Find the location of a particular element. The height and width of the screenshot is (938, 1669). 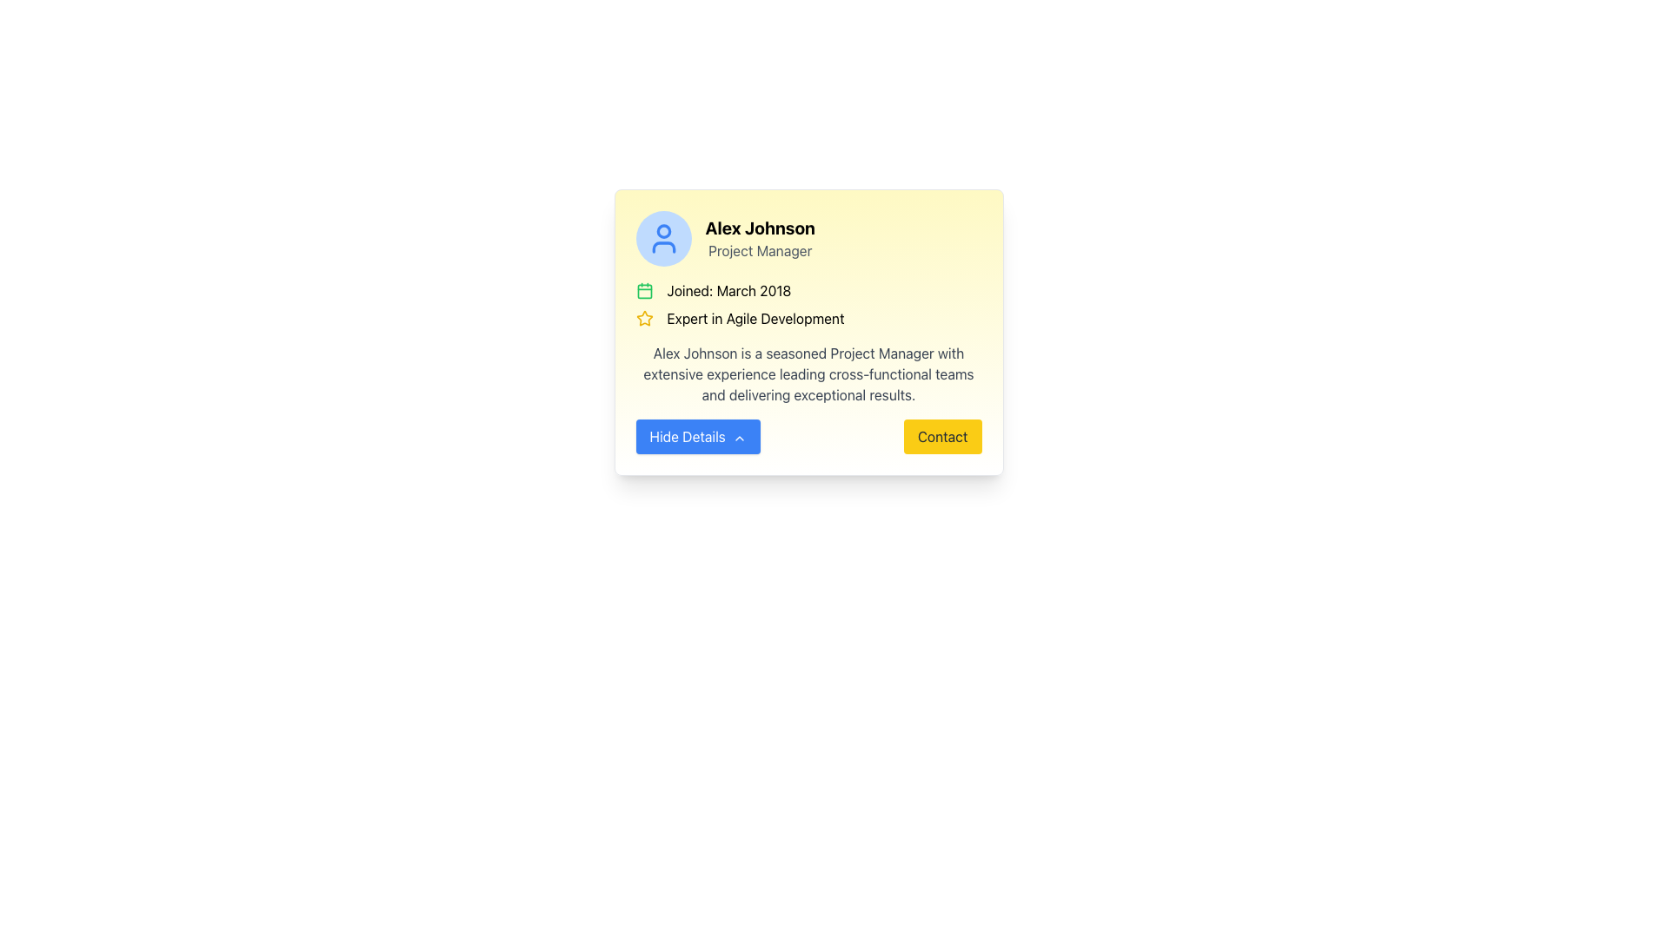

the decorative icon that signifies excellence, located to the left of the text 'Expert in Agile Development' is located at coordinates (643, 318).